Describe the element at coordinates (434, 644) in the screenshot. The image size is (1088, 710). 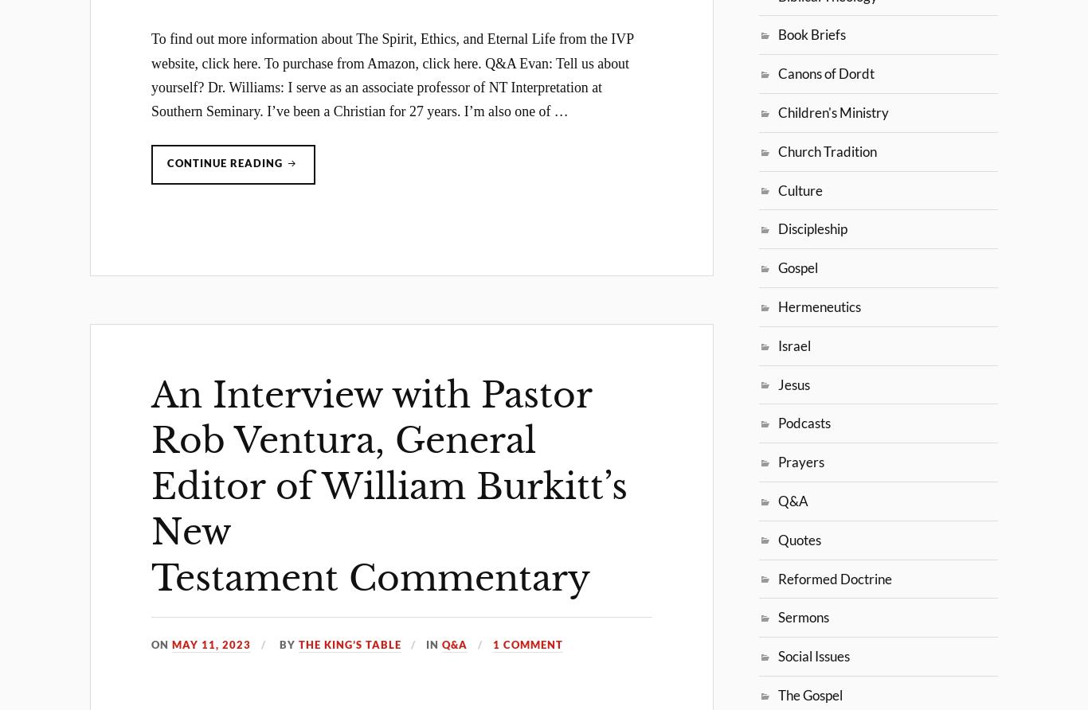
I see `'In'` at that location.